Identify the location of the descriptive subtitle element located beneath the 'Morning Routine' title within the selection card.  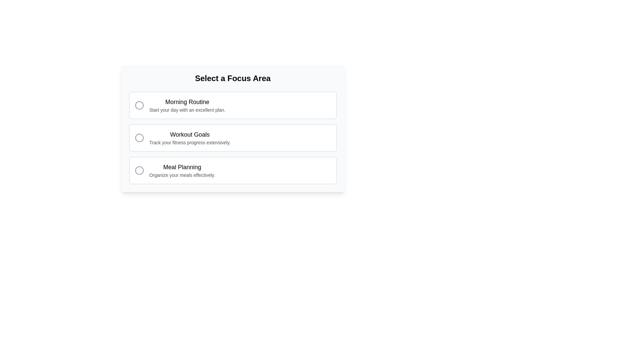
(187, 110).